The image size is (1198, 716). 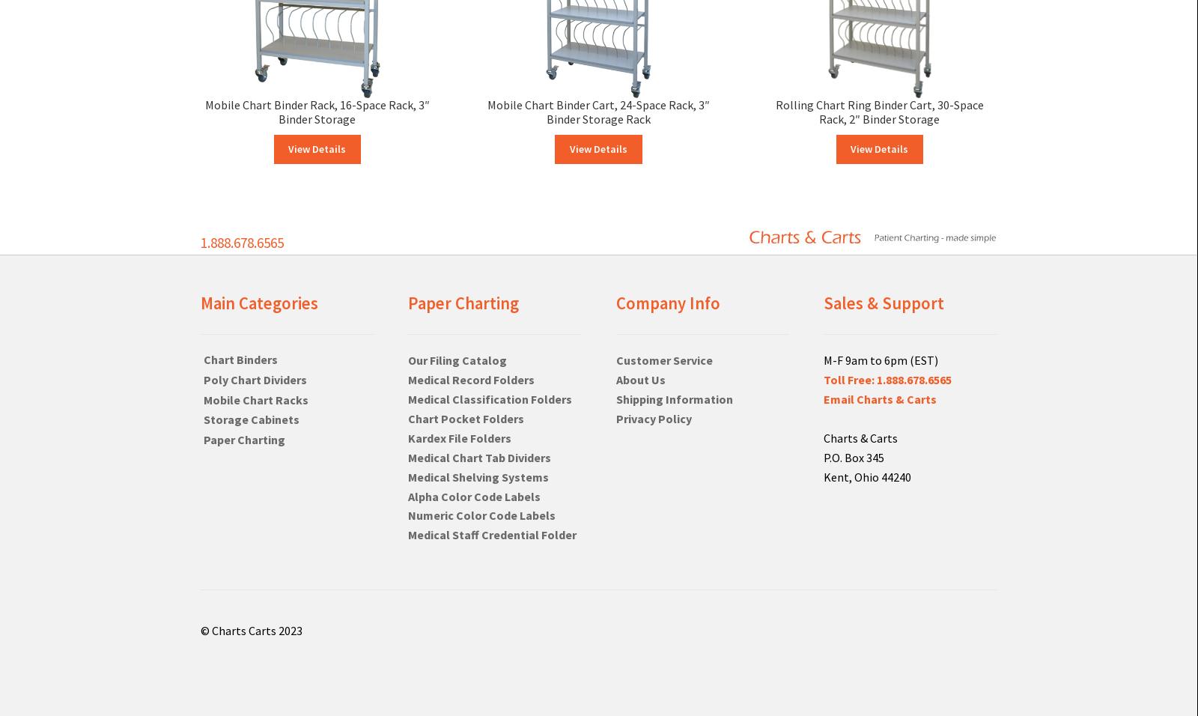 I want to click on 'Medical Shelving Systems', so click(x=478, y=476).